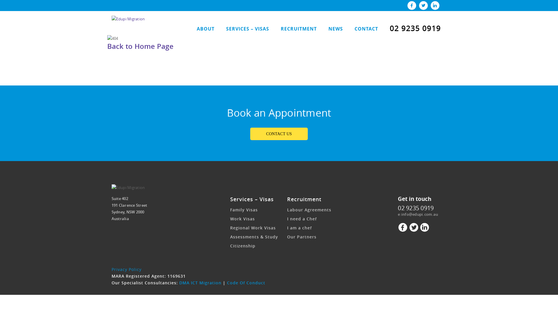  What do you see at coordinates (140, 46) in the screenshot?
I see `'Back to Home Page'` at bounding box center [140, 46].